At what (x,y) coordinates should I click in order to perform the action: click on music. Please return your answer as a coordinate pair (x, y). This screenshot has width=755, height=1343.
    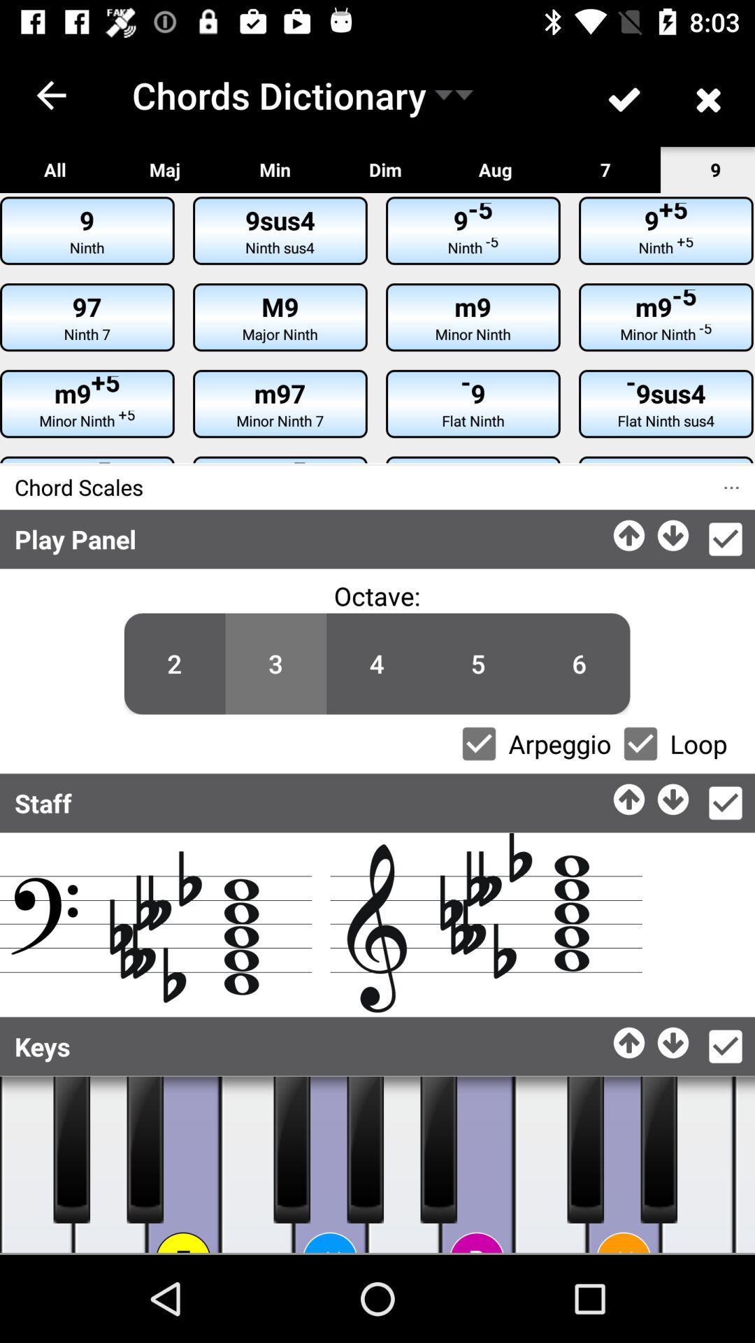
    Looking at the image, I should click on (364, 1149).